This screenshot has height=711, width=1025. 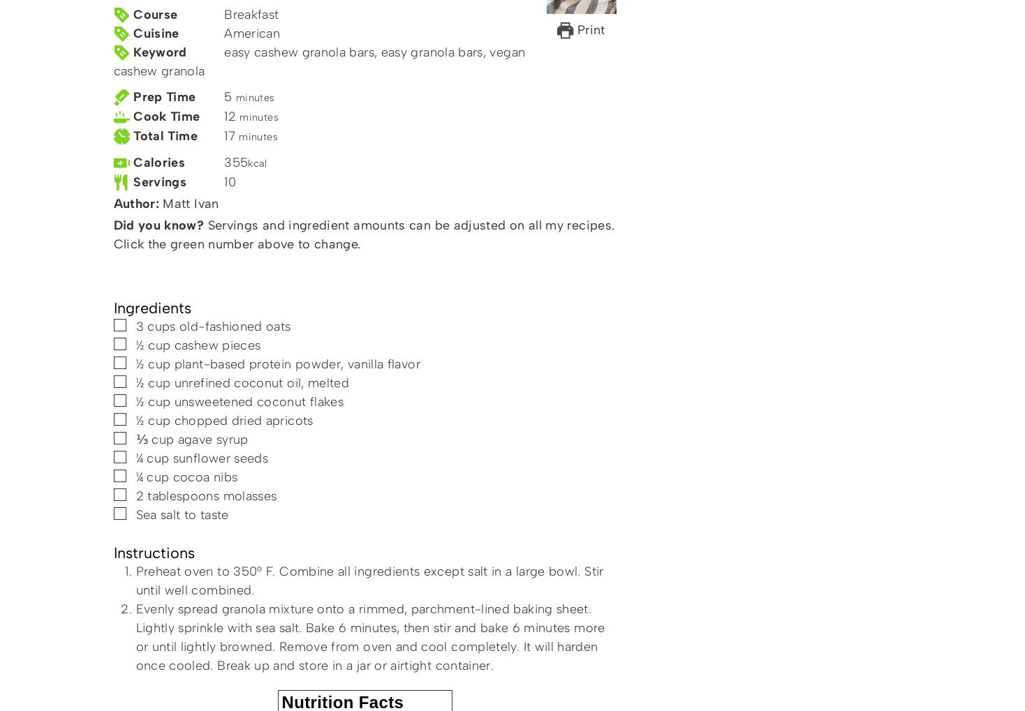 What do you see at coordinates (179, 326) in the screenshot?
I see `'old-fashioned oats'` at bounding box center [179, 326].